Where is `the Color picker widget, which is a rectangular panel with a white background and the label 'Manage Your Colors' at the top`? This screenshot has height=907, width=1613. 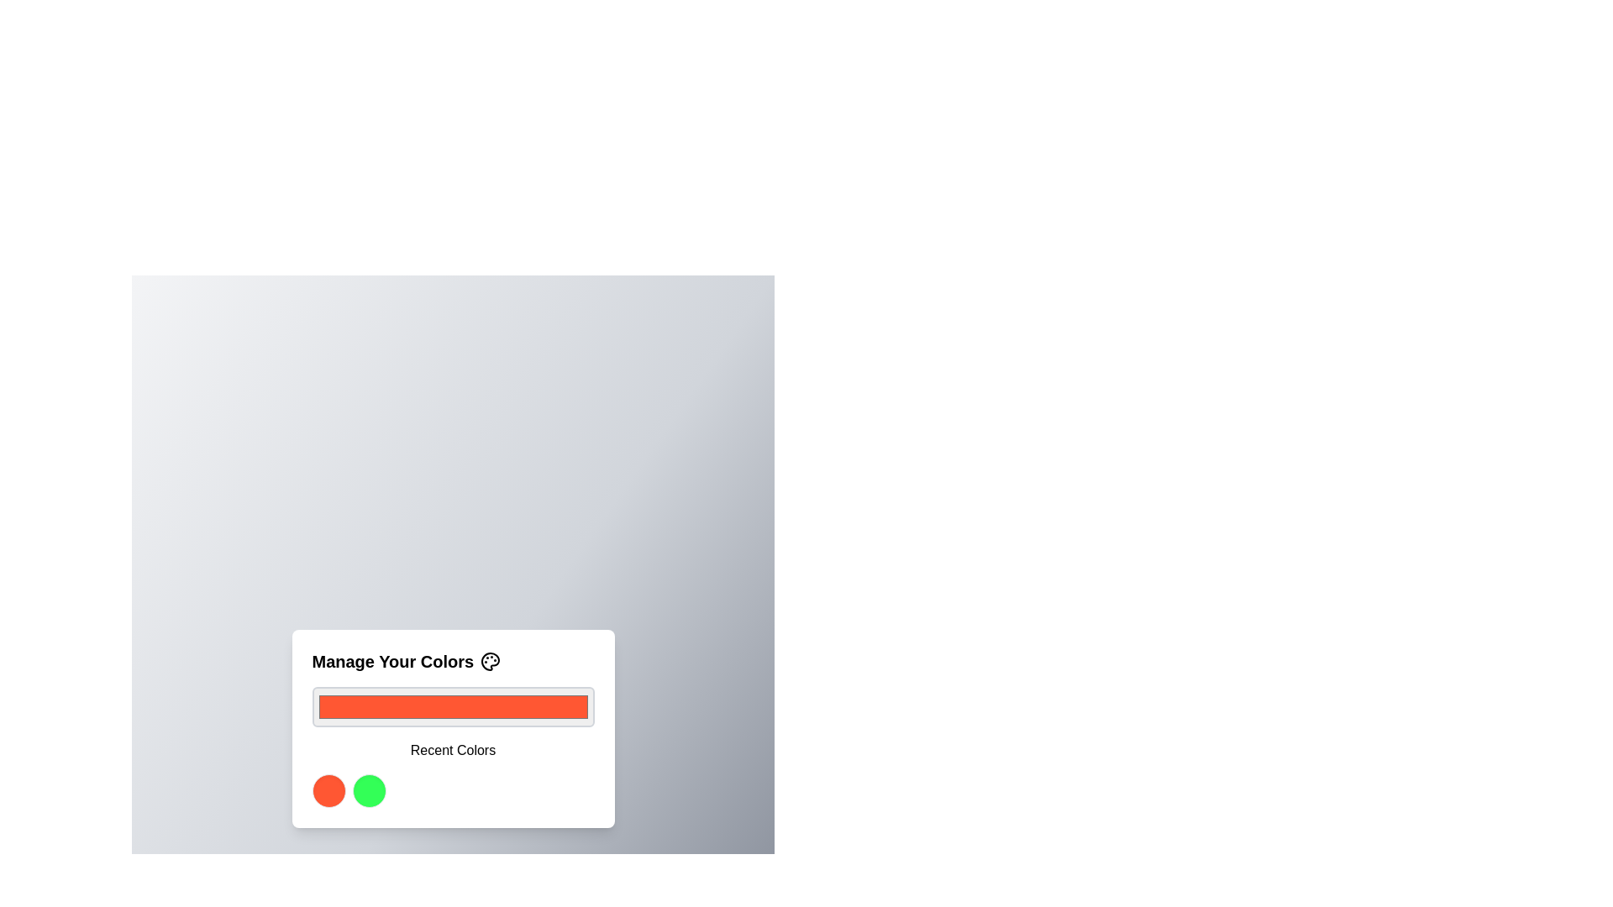
the Color picker widget, which is a rectangular panel with a white background and the label 'Manage Your Colors' at the top is located at coordinates (453, 727).